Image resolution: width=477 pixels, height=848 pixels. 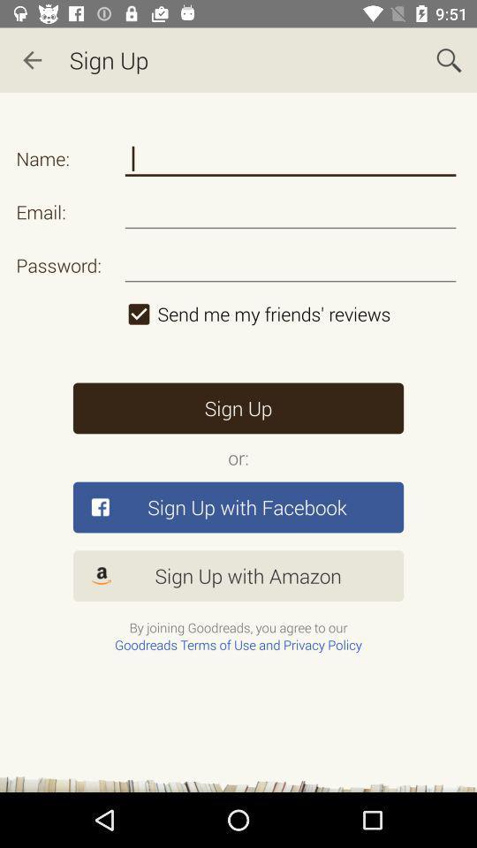 What do you see at coordinates (32, 60) in the screenshot?
I see `item next to sign up app` at bounding box center [32, 60].